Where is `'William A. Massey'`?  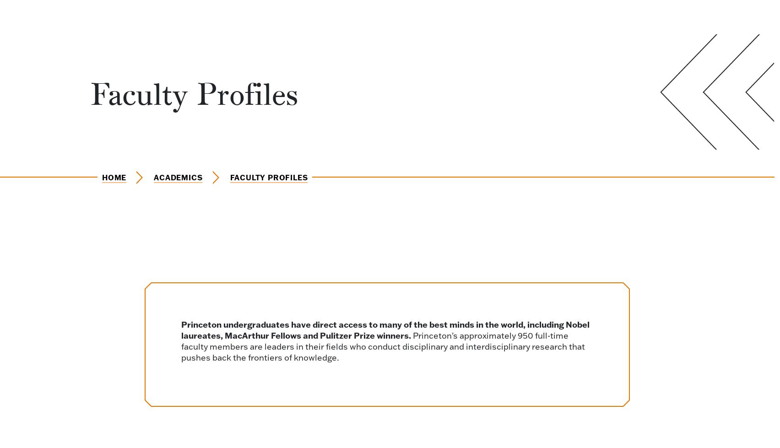
'William A. Massey' is located at coordinates (554, 34).